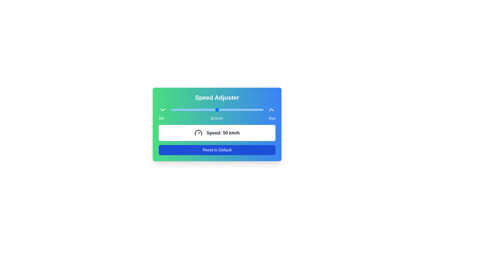  Describe the element at coordinates (184, 109) in the screenshot. I see `the slider value` at that location.